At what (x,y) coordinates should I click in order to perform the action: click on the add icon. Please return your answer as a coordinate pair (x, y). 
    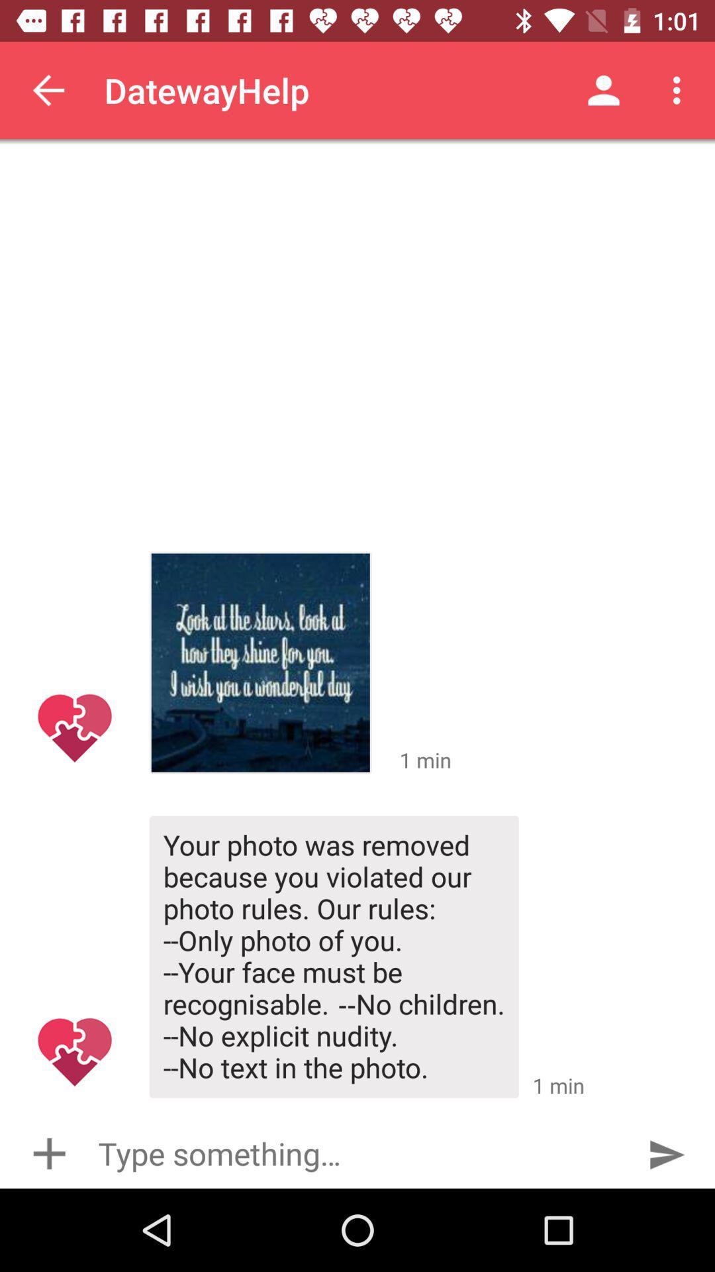
    Looking at the image, I should click on (48, 1153).